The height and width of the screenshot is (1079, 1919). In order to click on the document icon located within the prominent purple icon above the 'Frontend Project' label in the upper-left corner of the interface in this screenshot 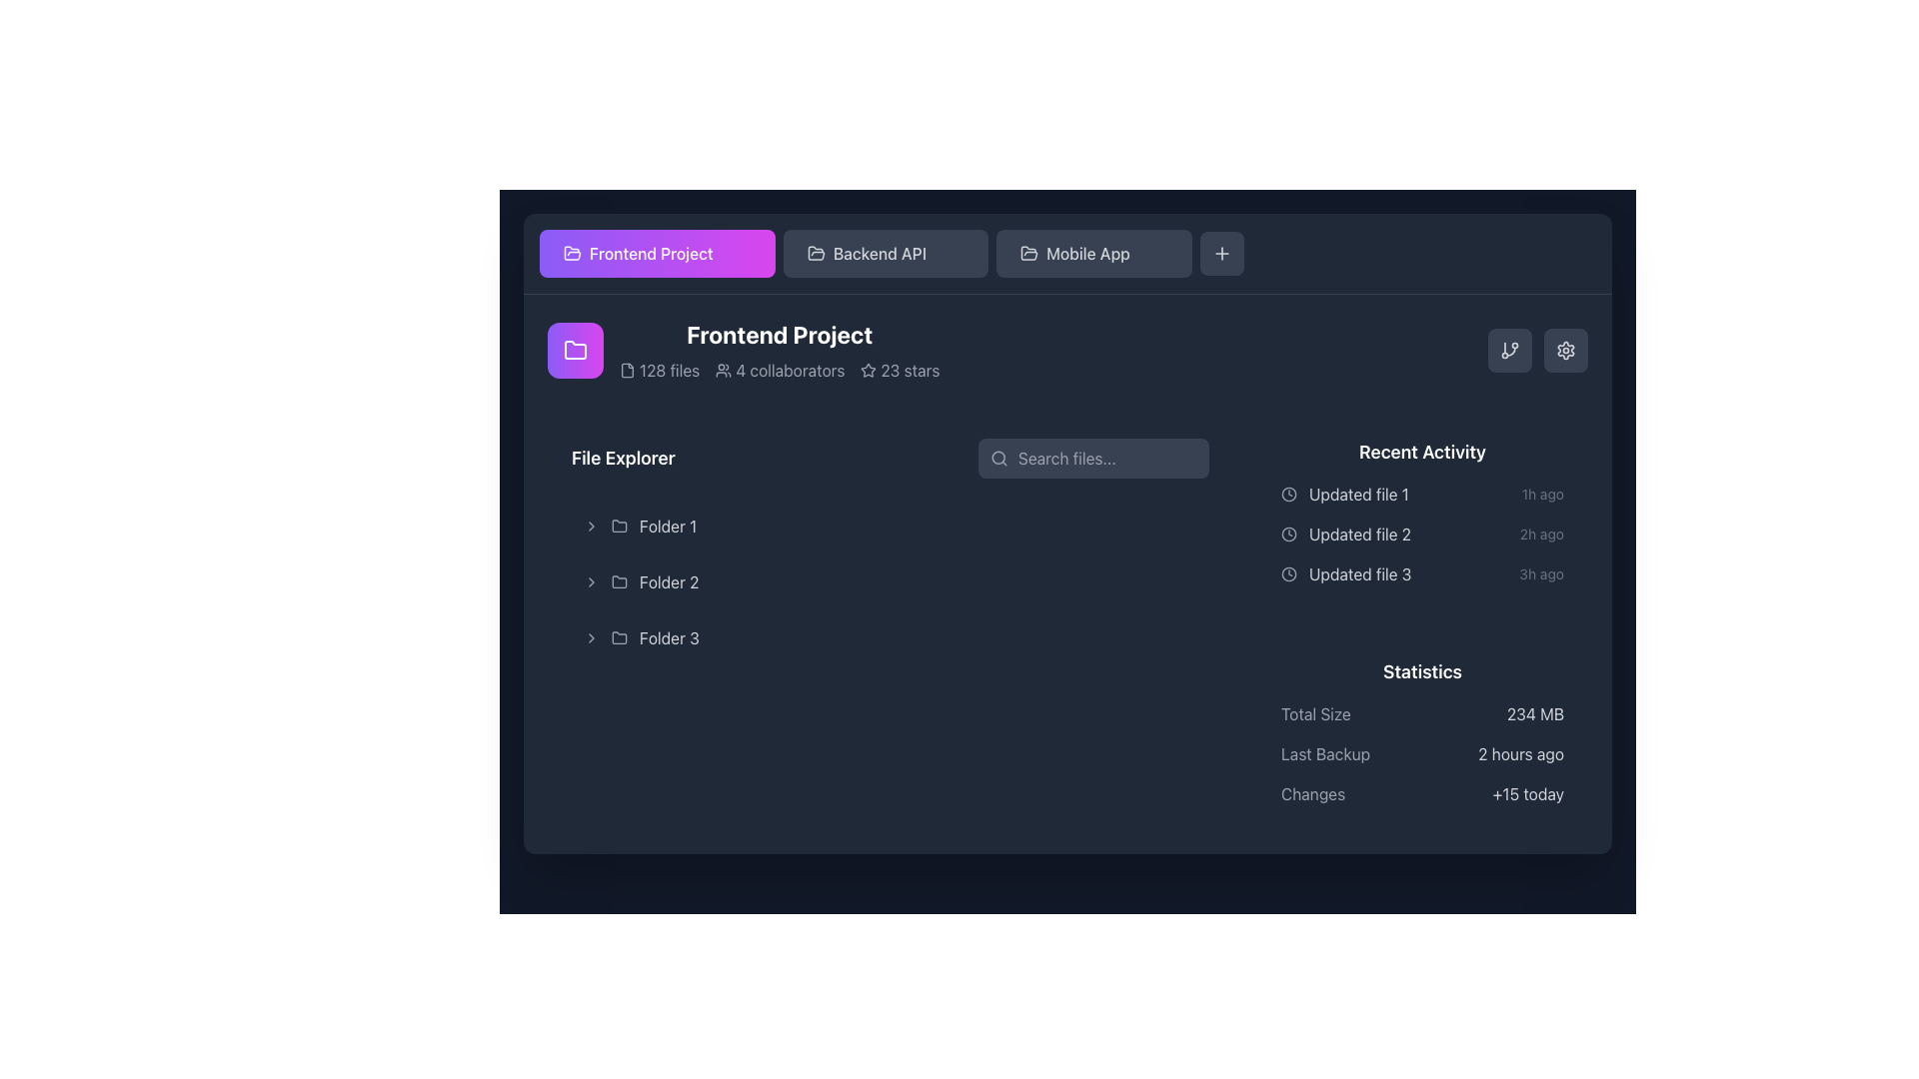, I will do `click(627, 370)`.